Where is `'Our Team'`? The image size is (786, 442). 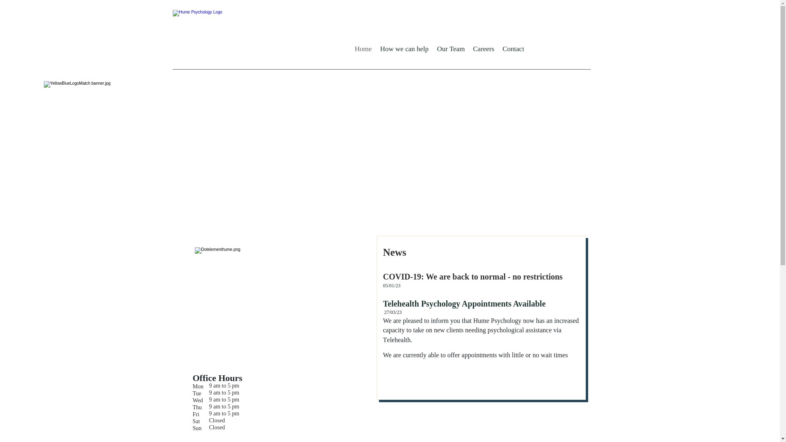
'Our Team' is located at coordinates (432, 49).